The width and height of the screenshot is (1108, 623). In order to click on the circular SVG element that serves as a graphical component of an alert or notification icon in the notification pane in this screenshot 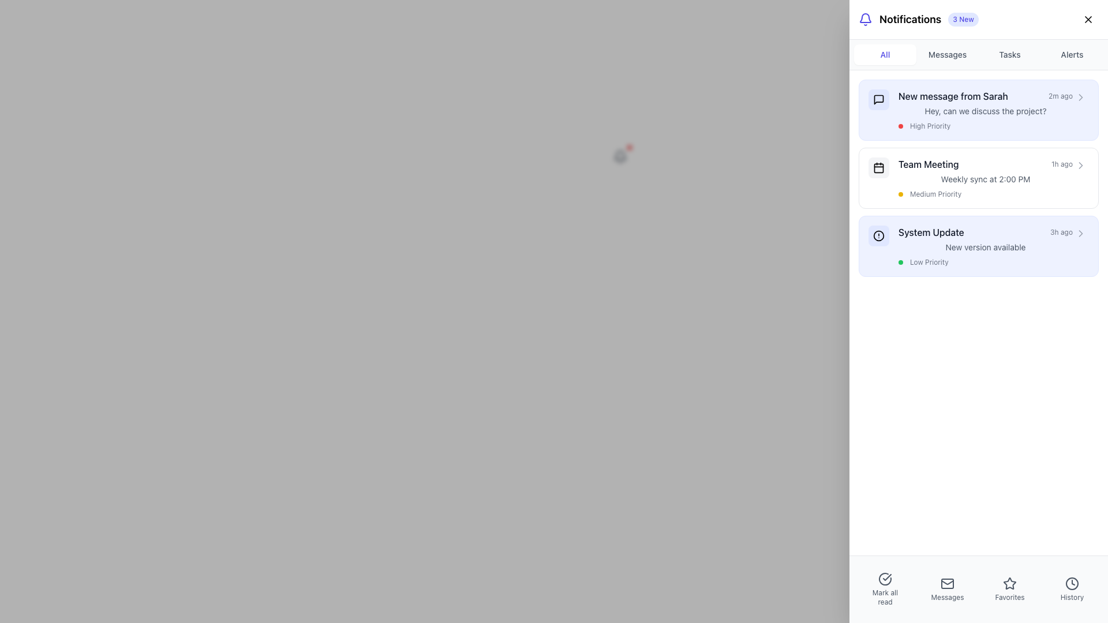, I will do `click(878, 235)`.